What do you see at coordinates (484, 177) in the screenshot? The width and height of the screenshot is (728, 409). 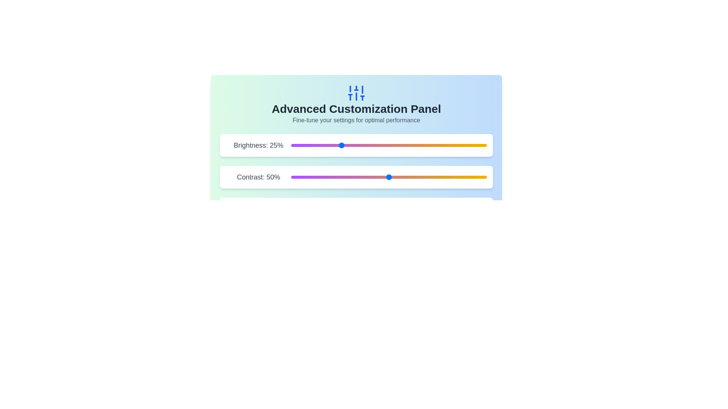 I see `the contrast slider to 99%` at bounding box center [484, 177].